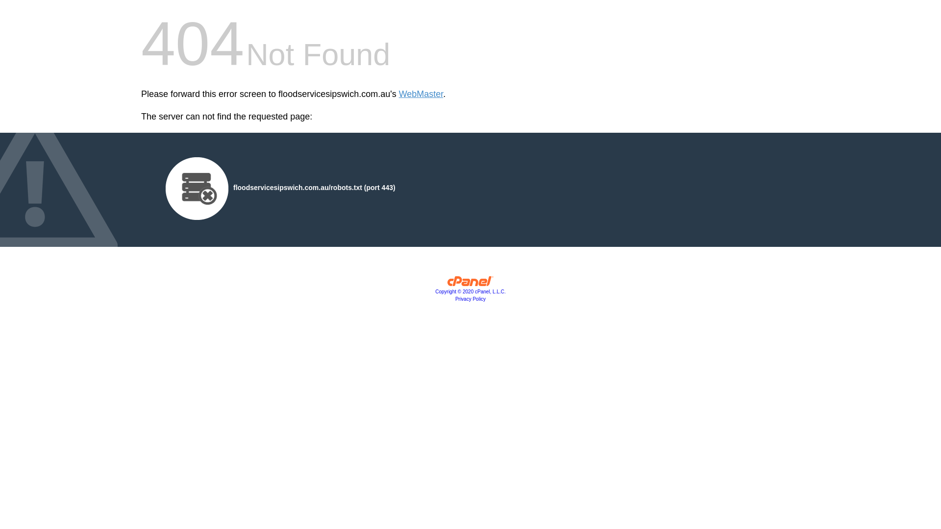  Describe the element at coordinates (470, 283) in the screenshot. I see `'cPanel, Inc.'` at that location.